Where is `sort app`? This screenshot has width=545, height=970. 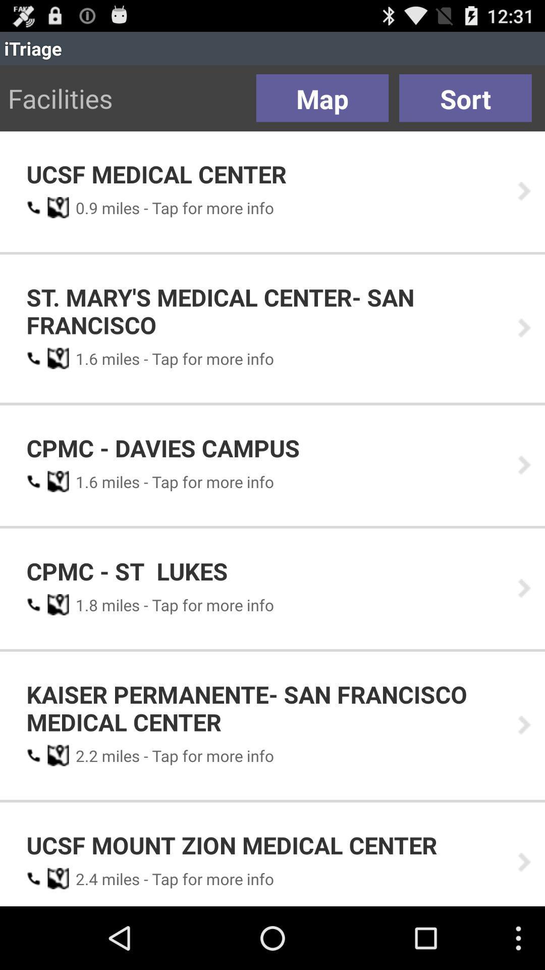
sort app is located at coordinates (465, 98).